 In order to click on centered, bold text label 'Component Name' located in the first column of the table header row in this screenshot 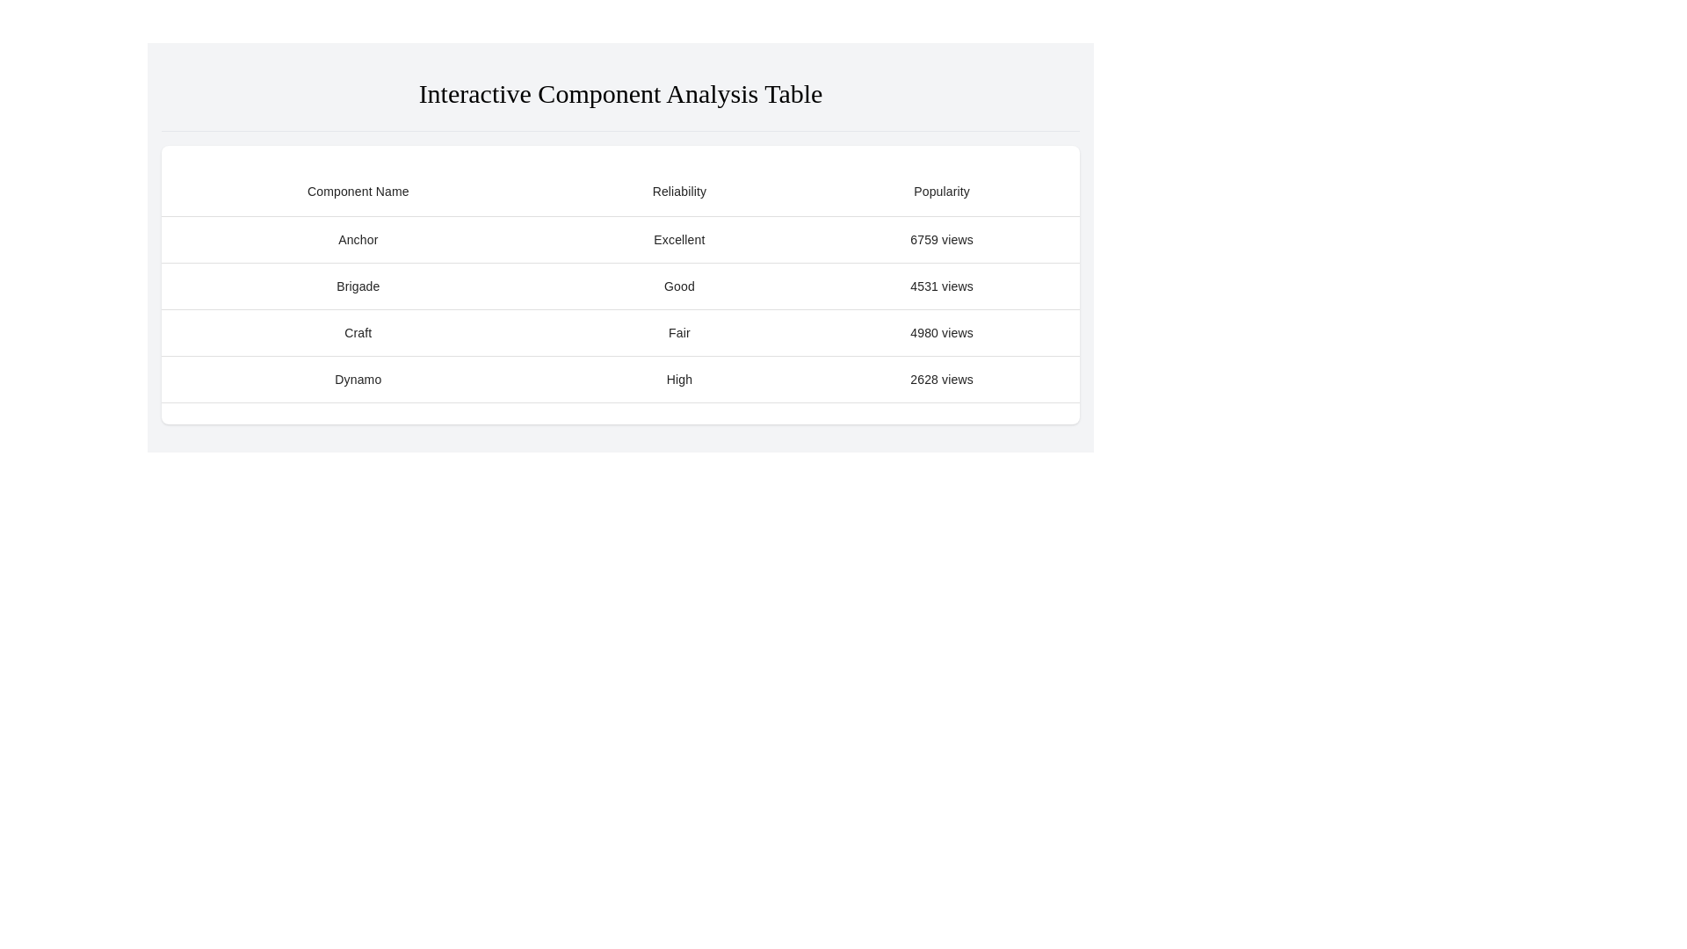, I will do `click(357, 192)`.